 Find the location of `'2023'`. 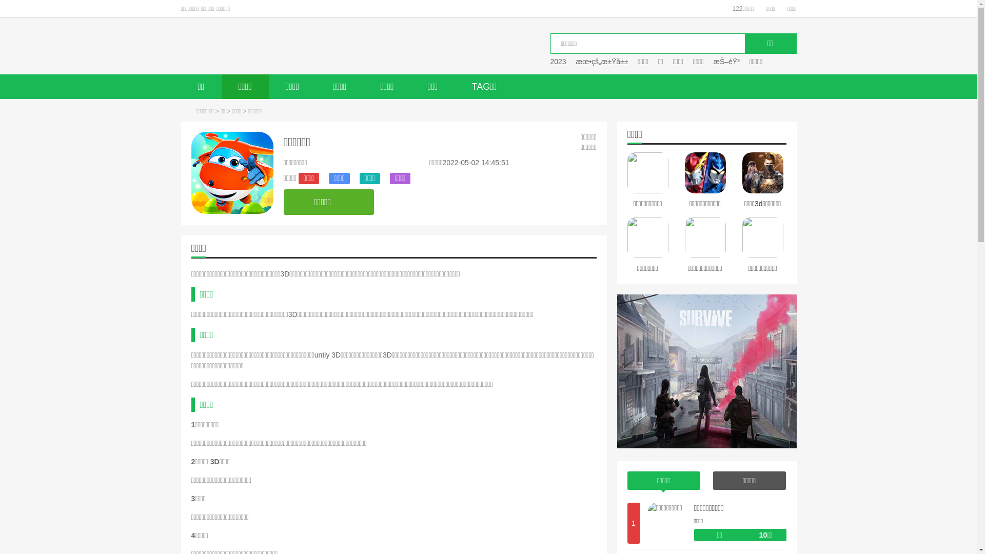

'2023' is located at coordinates (557, 61).